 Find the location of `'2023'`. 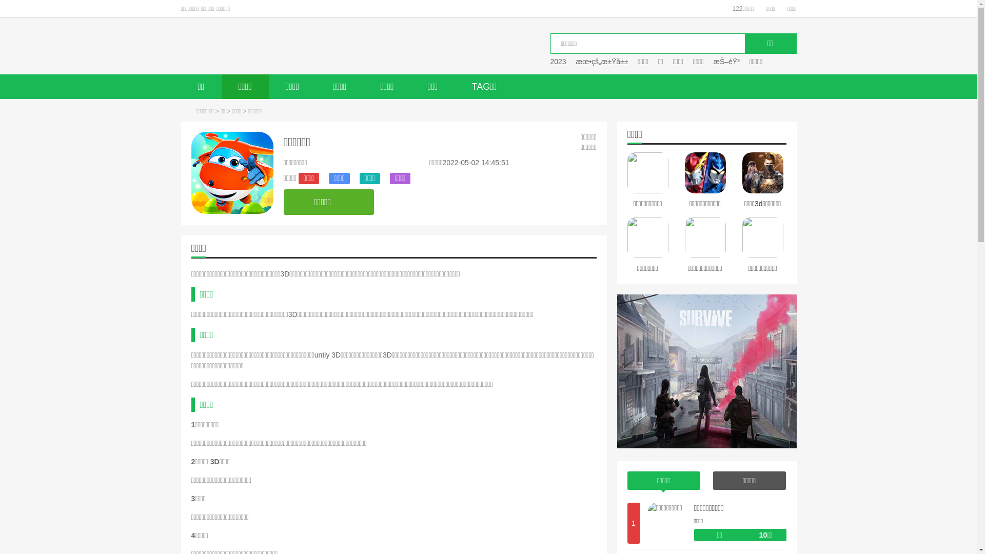

'2023' is located at coordinates (557, 61).